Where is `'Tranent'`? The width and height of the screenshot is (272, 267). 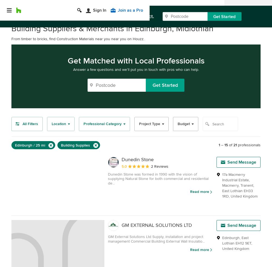 'Tranent' is located at coordinates (247, 185).